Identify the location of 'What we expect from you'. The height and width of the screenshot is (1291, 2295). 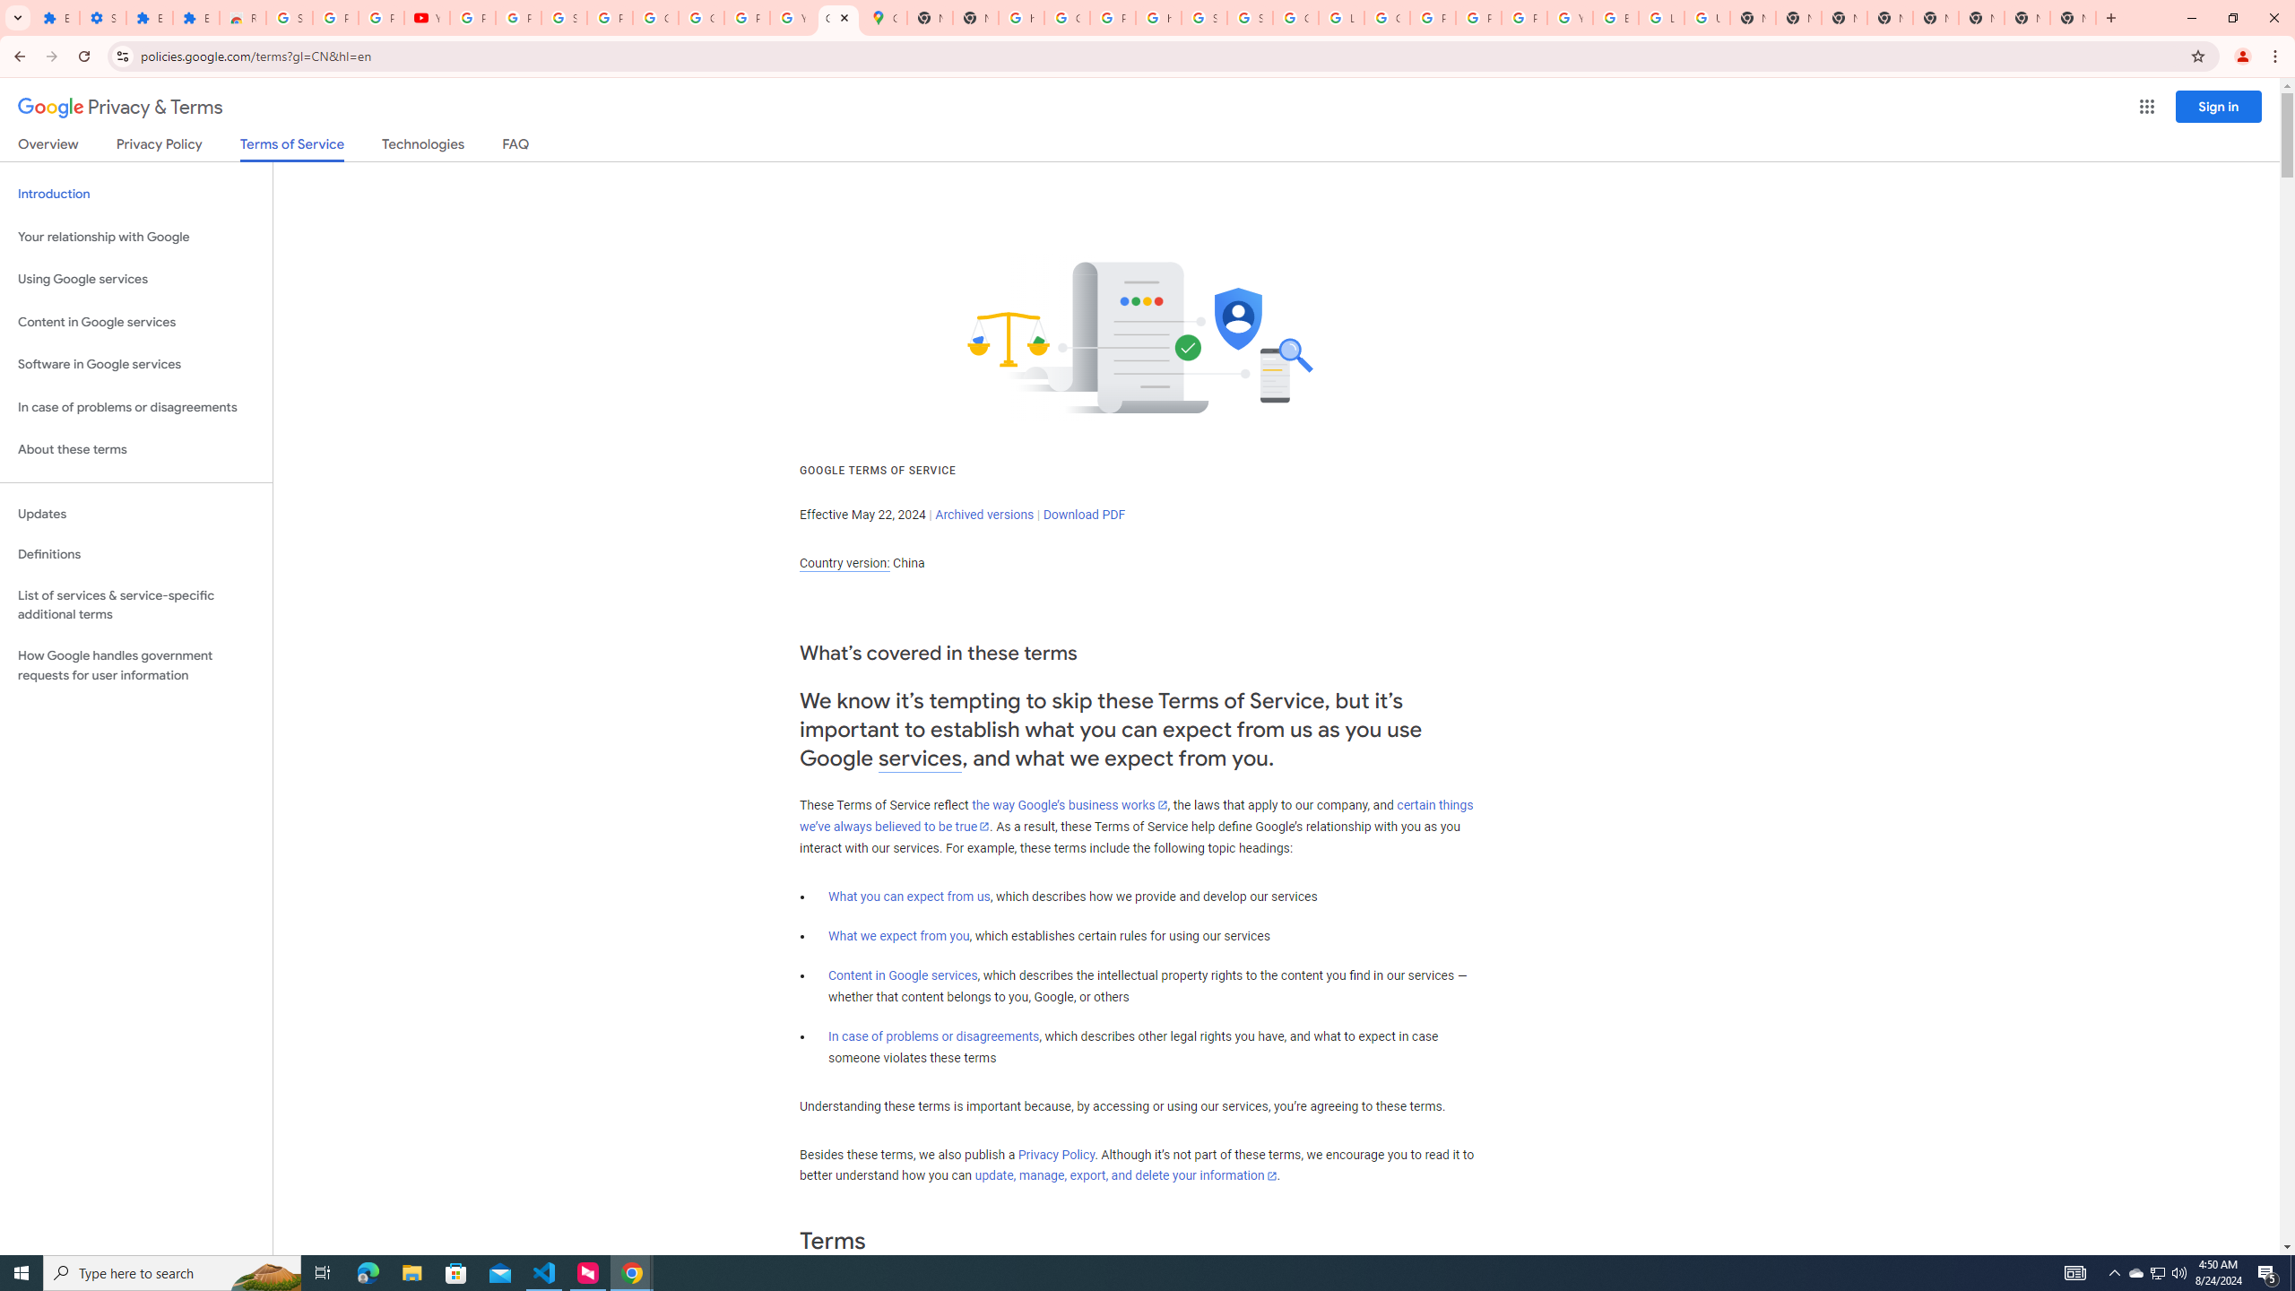
(898, 935).